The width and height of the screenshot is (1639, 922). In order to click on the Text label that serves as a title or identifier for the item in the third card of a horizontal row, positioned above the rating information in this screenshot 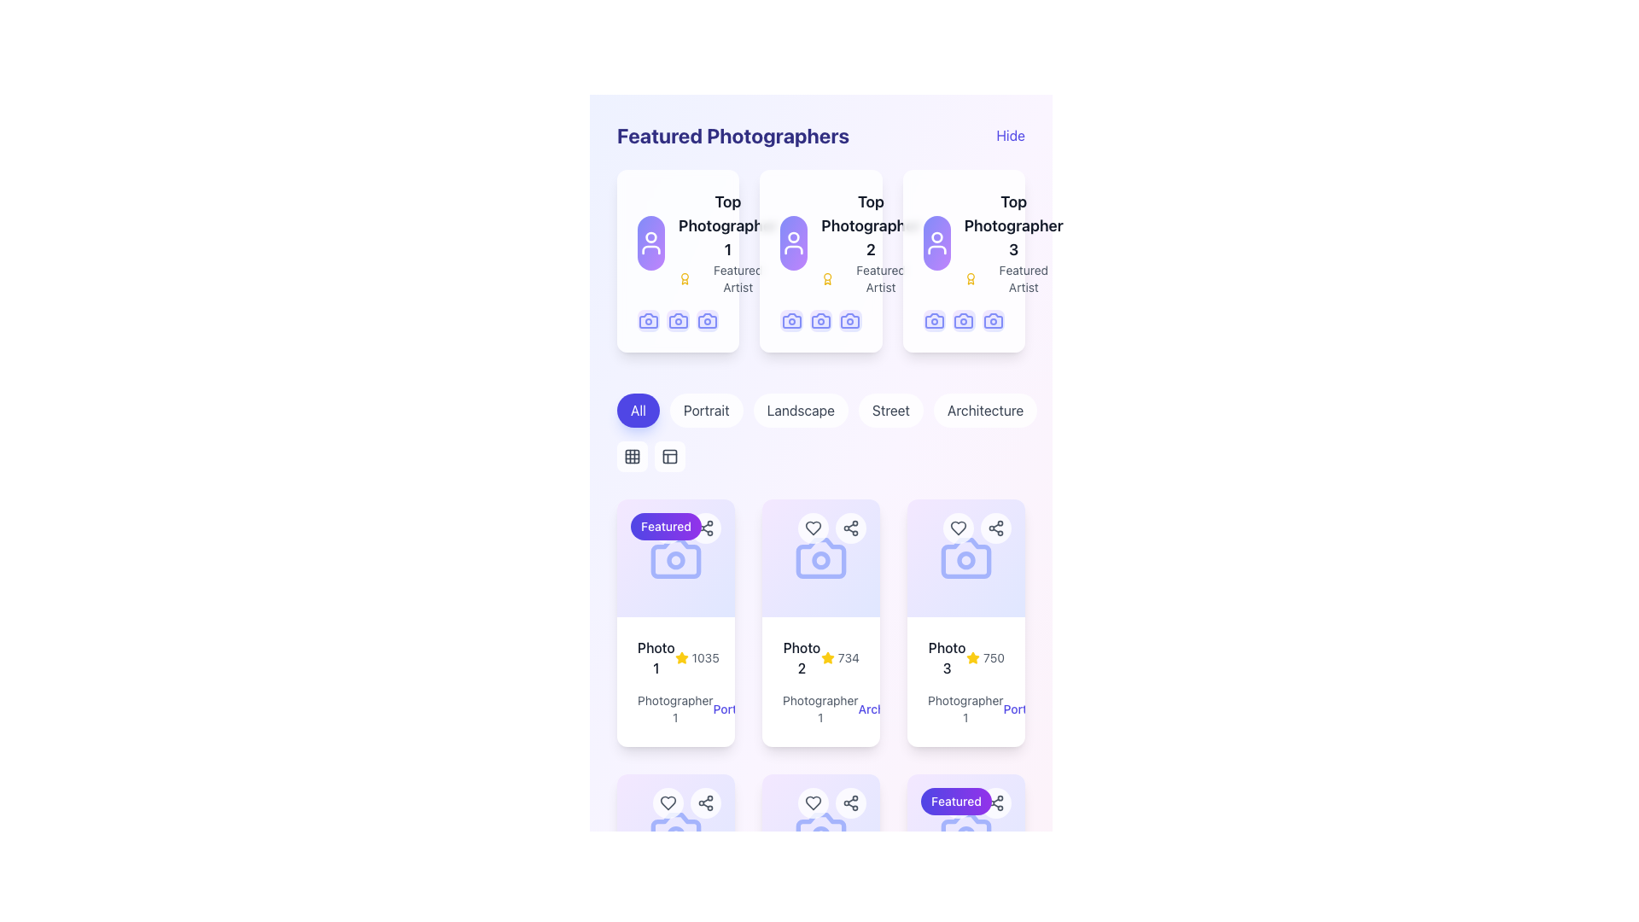, I will do `click(946, 657)`.